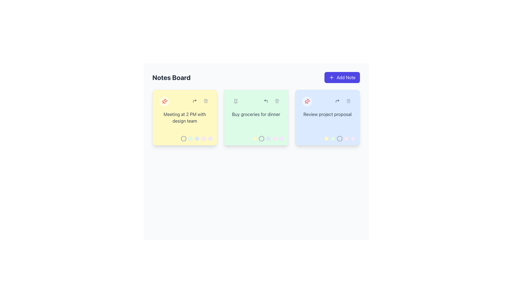  Describe the element at coordinates (337, 101) in the screenshot. I see `the upward right-pointing gray arrow icon located at the top-right corner of the third blue note card in the Notes Board` at that location.